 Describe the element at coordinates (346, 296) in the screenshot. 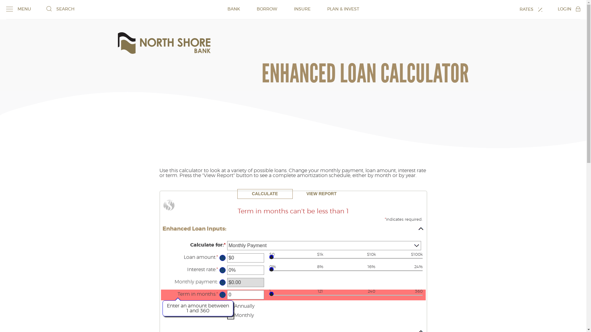

I see `'Term in months slider'` at that location.